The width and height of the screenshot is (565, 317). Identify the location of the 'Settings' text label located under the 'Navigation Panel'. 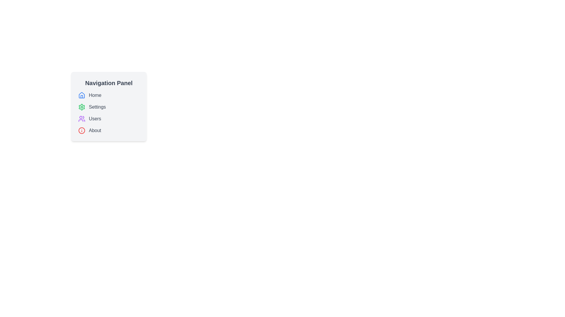
(97, 107).